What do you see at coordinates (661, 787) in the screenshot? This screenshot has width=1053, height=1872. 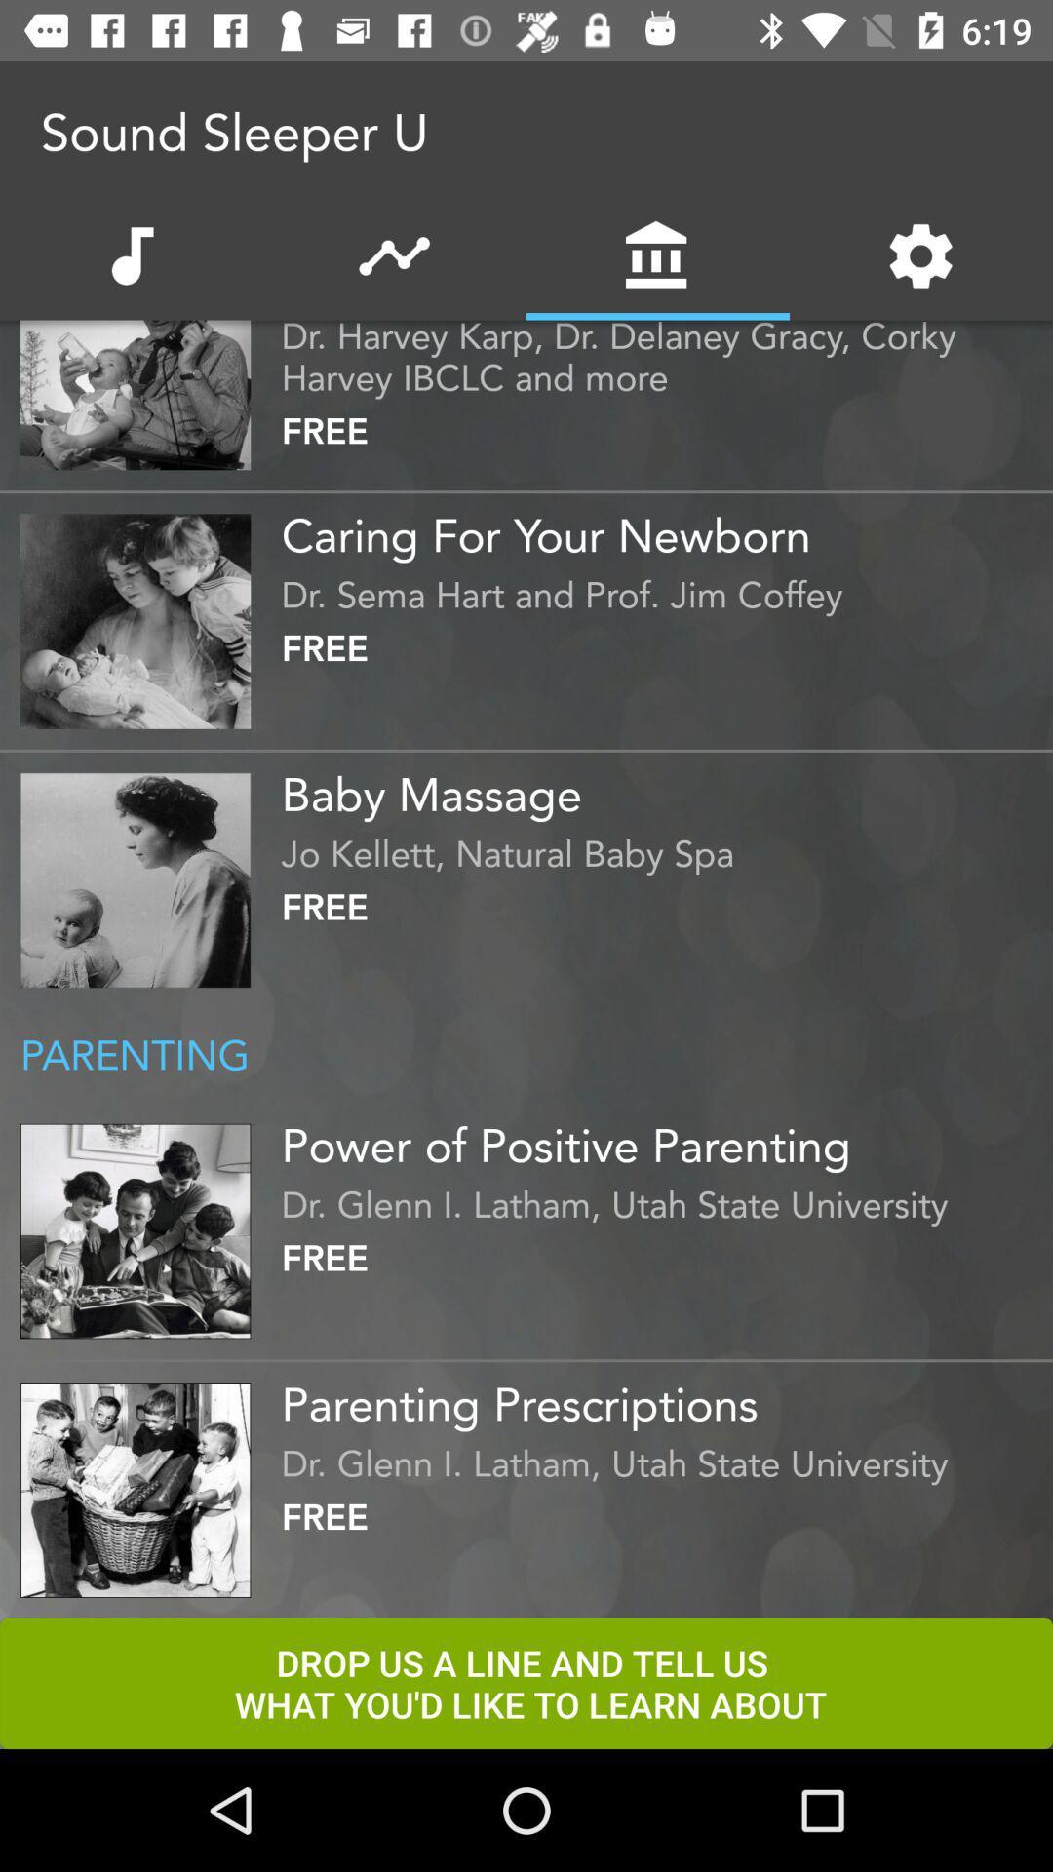 I see `the item above the jo kellett natural` at bounding box center [661, 787].